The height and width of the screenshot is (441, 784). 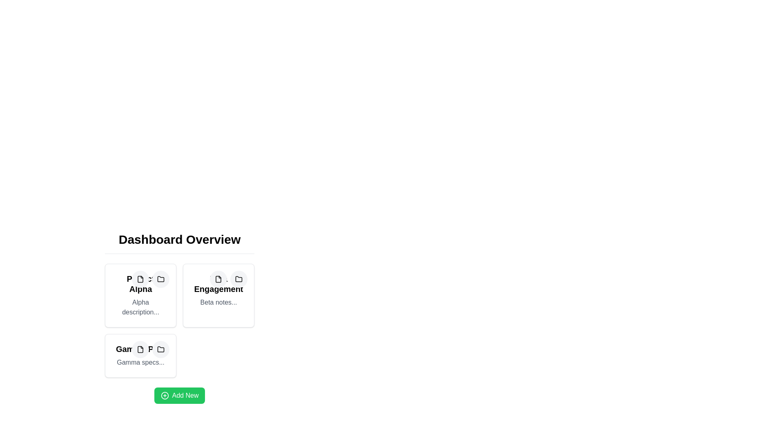 I want to click on the circular outline icon within the larger plus symbol icon on the green 'Add New' button located at the bottom of the main card layout, so click(x=164, y=395).